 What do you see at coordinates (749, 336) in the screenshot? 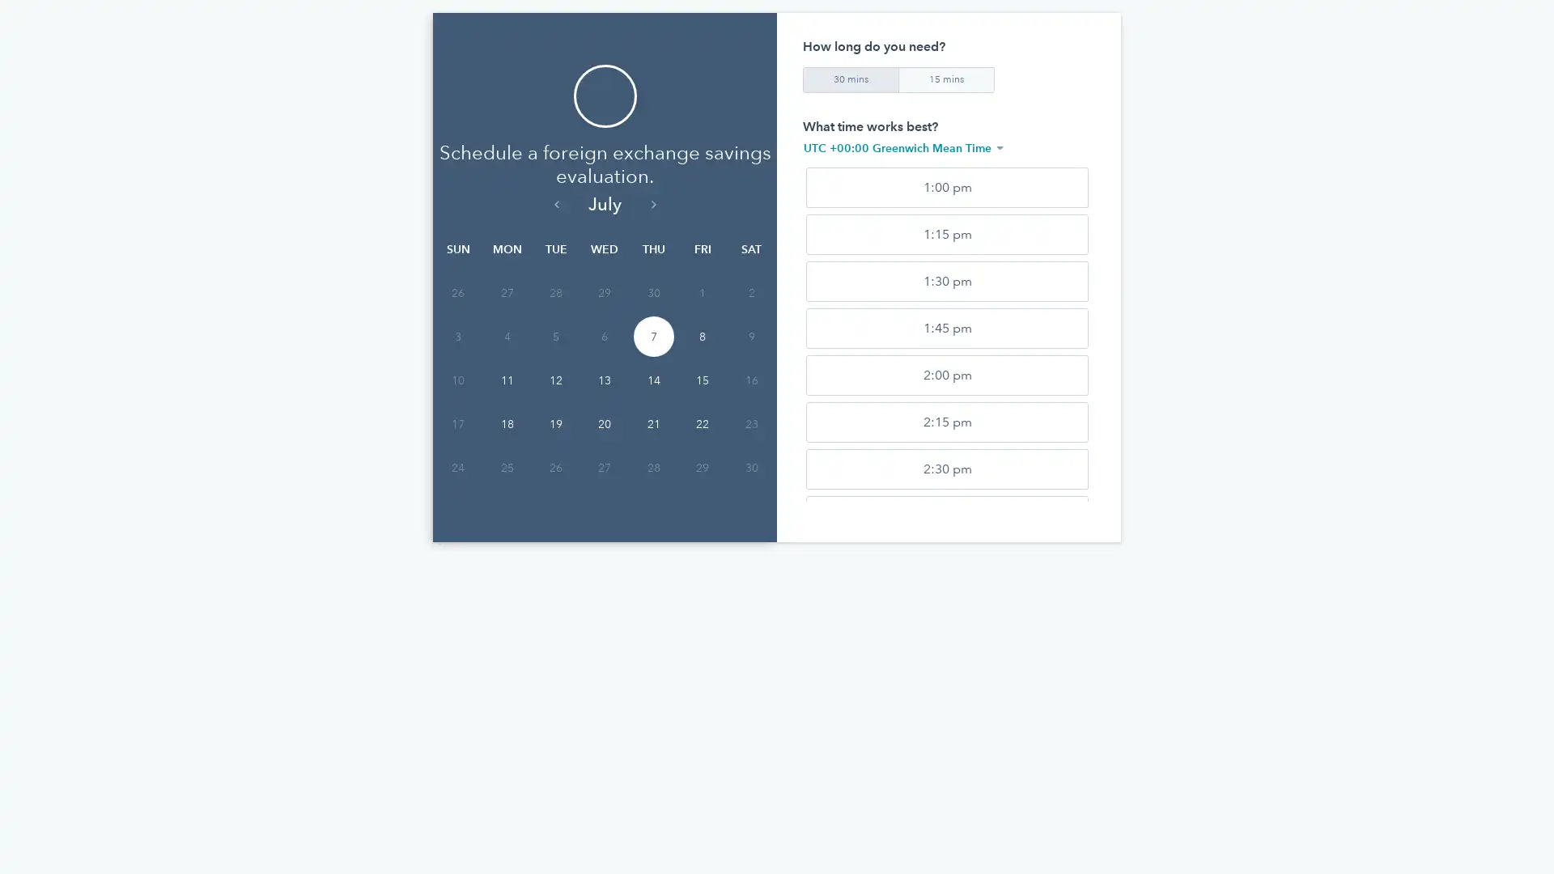
I see `July 9th` at bounding box center [749, 336].